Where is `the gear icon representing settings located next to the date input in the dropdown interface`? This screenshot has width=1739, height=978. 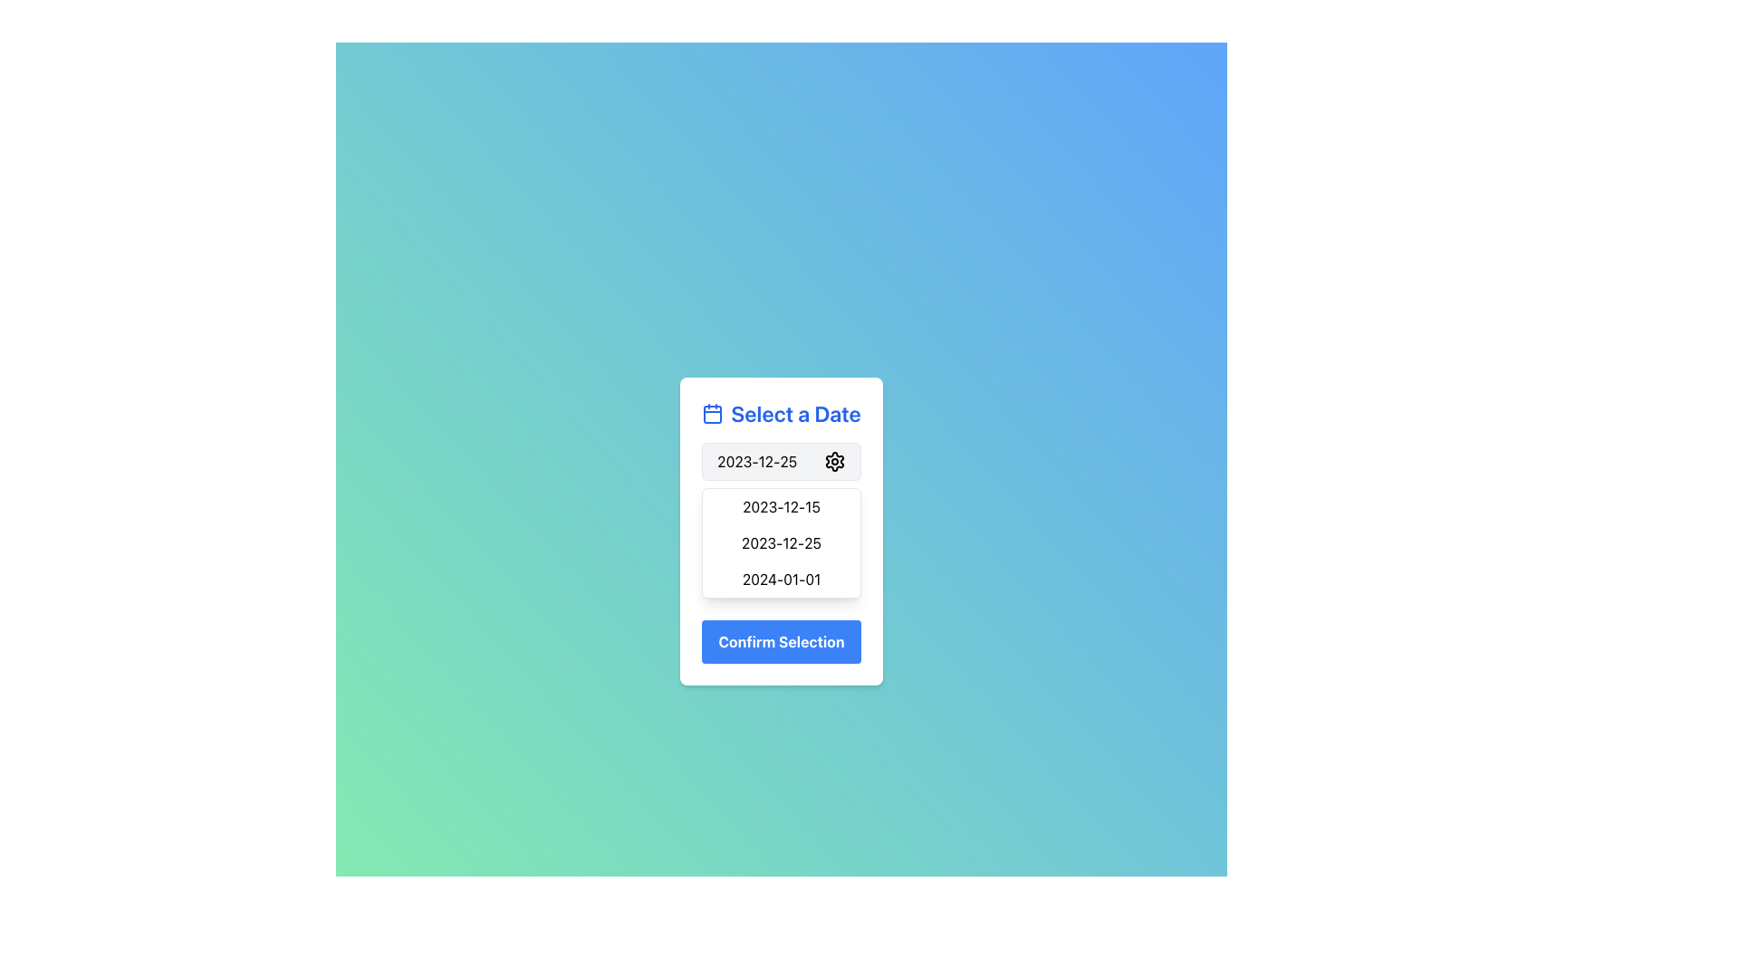
the gear icon representing settings located next to the date input in the dropdown interface is located at coordinates (833, 460).